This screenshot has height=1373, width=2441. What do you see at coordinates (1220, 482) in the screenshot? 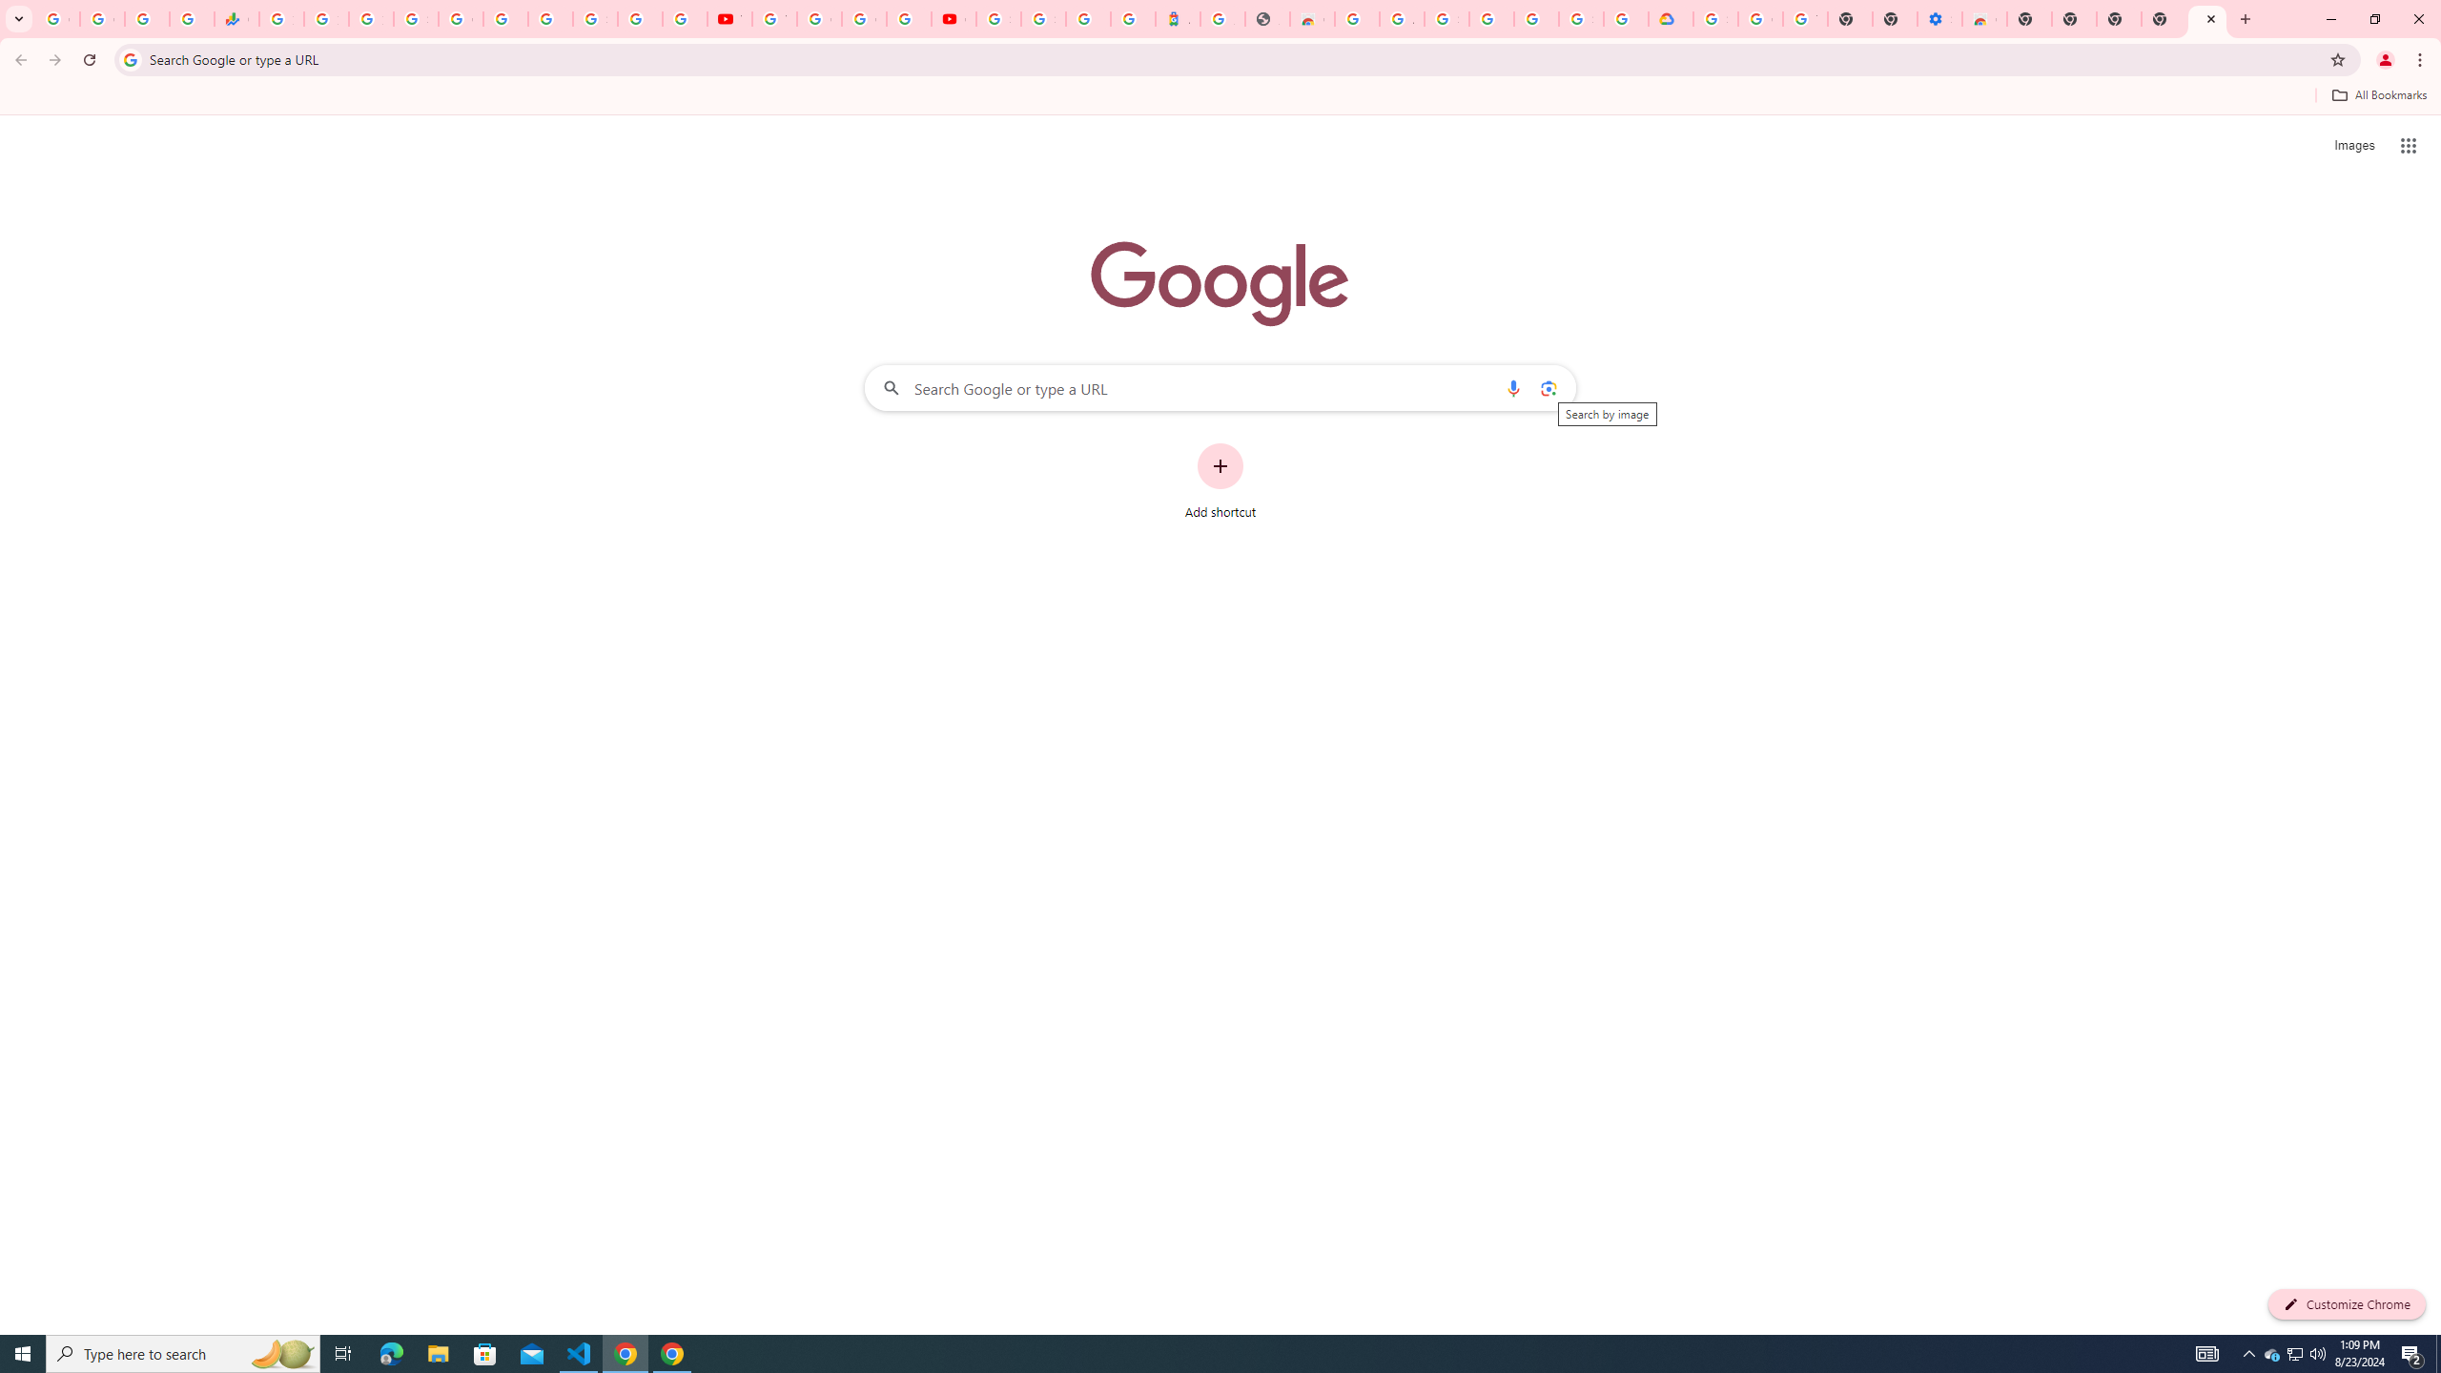
I see `'Add shortcut'` at bounding box center [1220, 482].